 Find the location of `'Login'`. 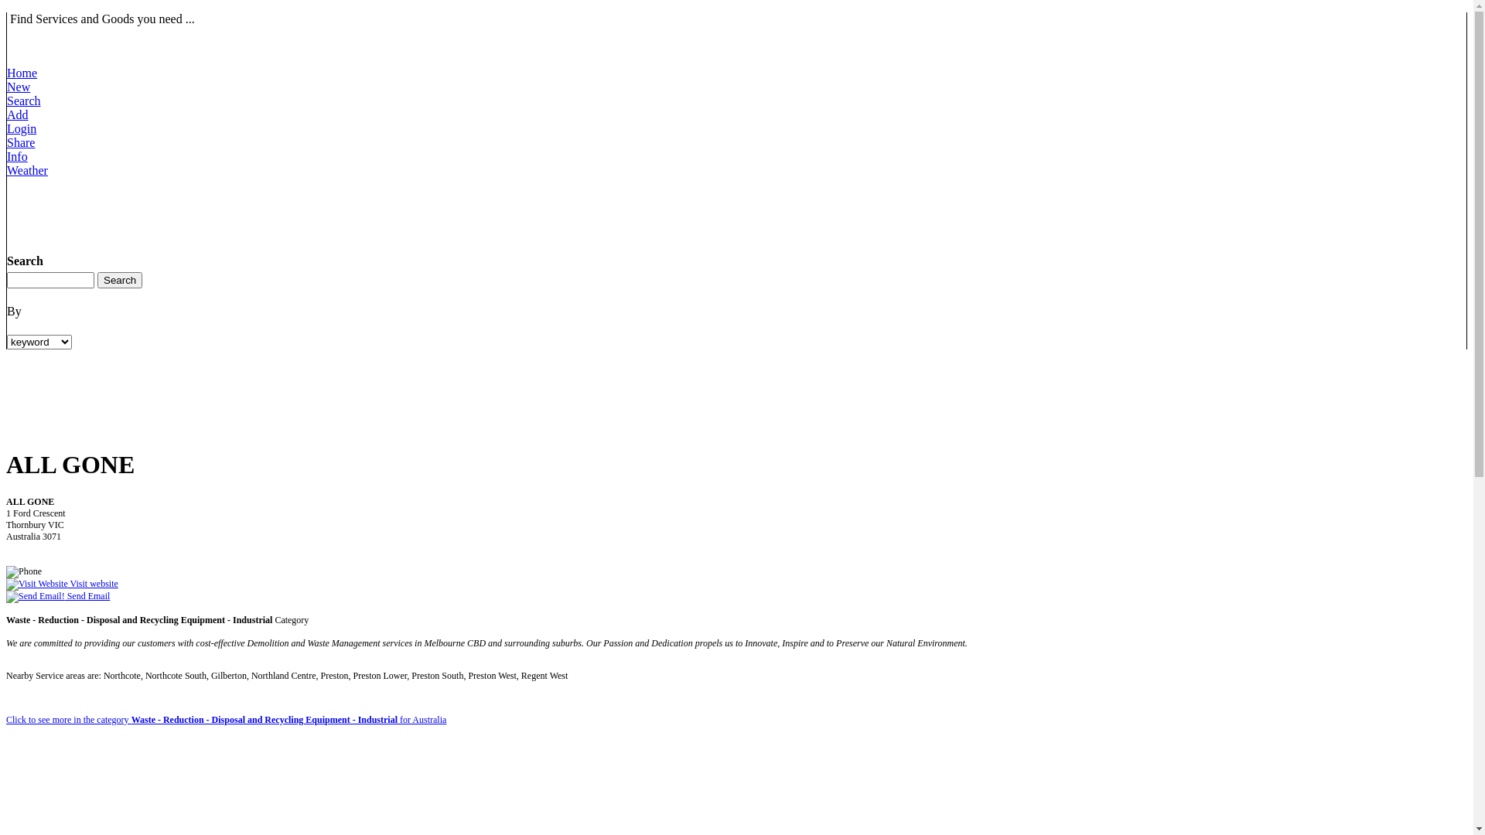

'Login' is located at coordinates (22, 135).